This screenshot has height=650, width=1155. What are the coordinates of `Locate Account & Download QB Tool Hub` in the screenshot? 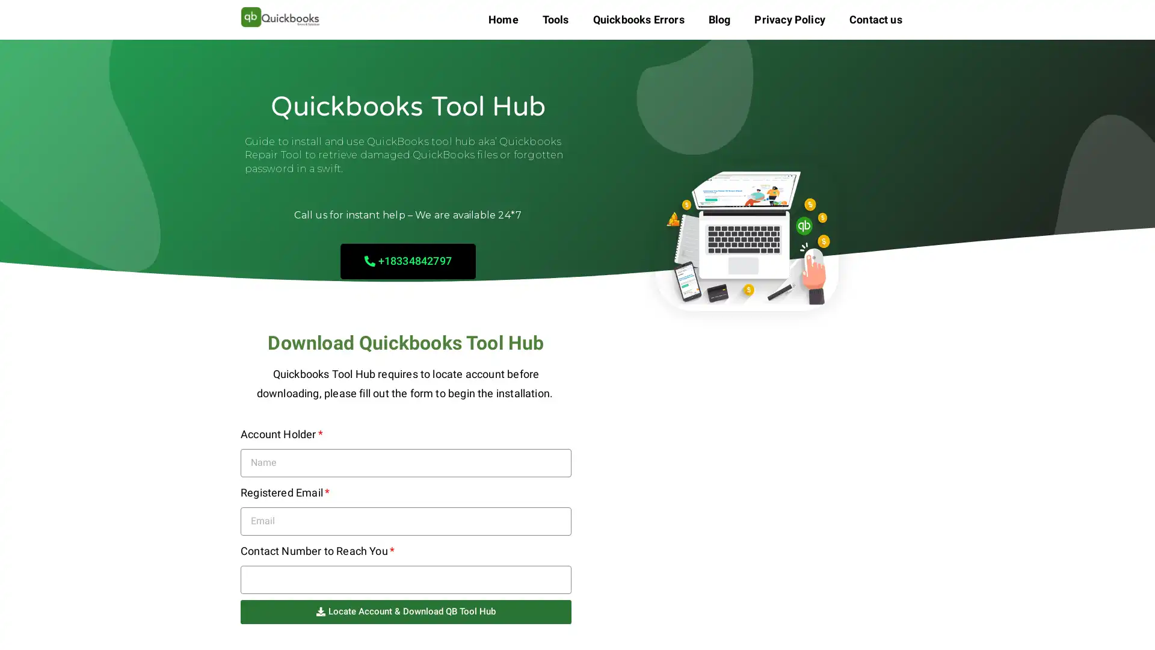 It's located at (406, 611).